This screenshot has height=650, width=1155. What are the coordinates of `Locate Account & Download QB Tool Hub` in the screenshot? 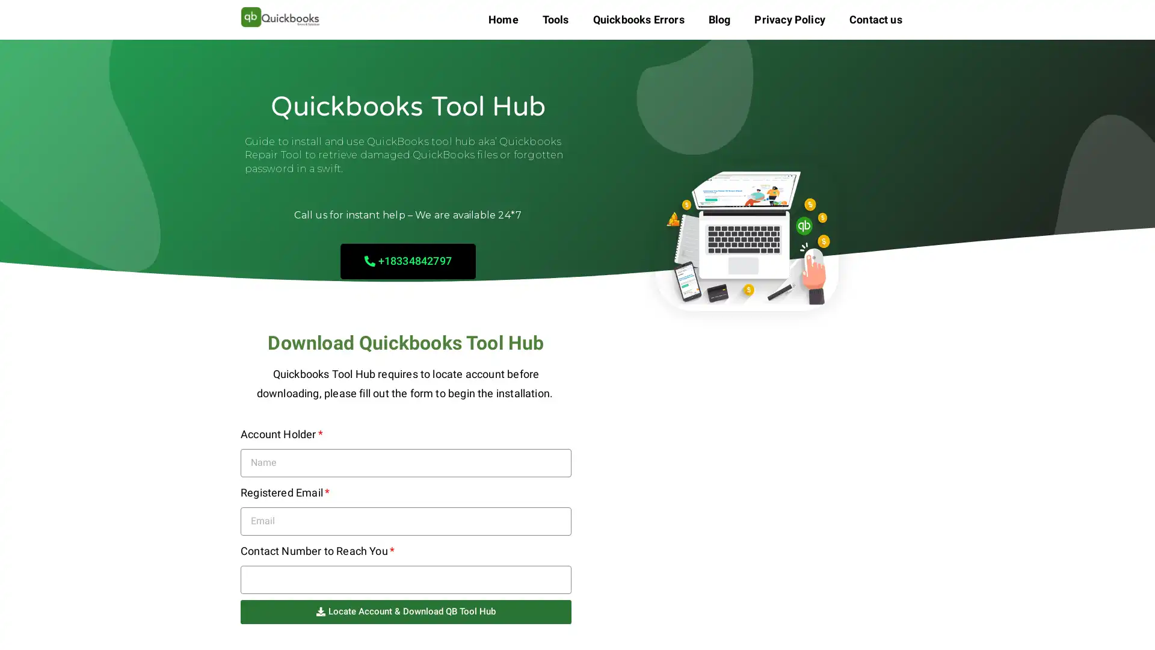 It's located at (406, 611).